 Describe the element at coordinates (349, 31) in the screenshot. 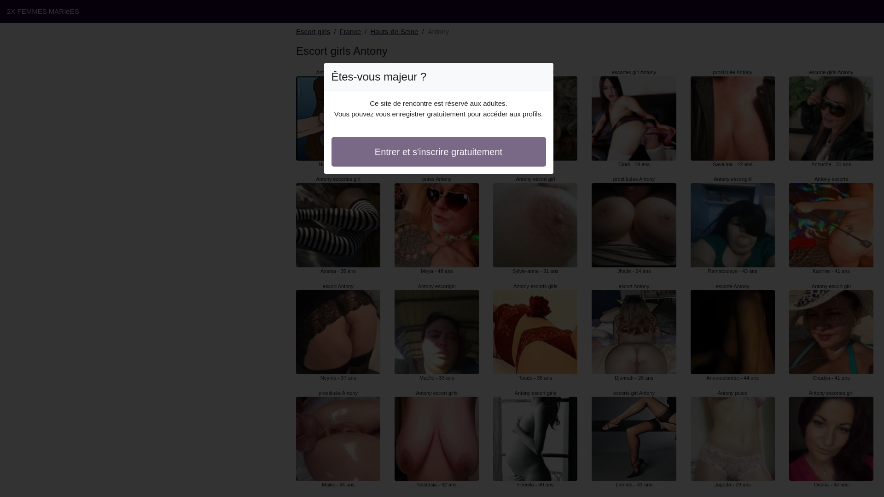

I see `'France'` at that location.